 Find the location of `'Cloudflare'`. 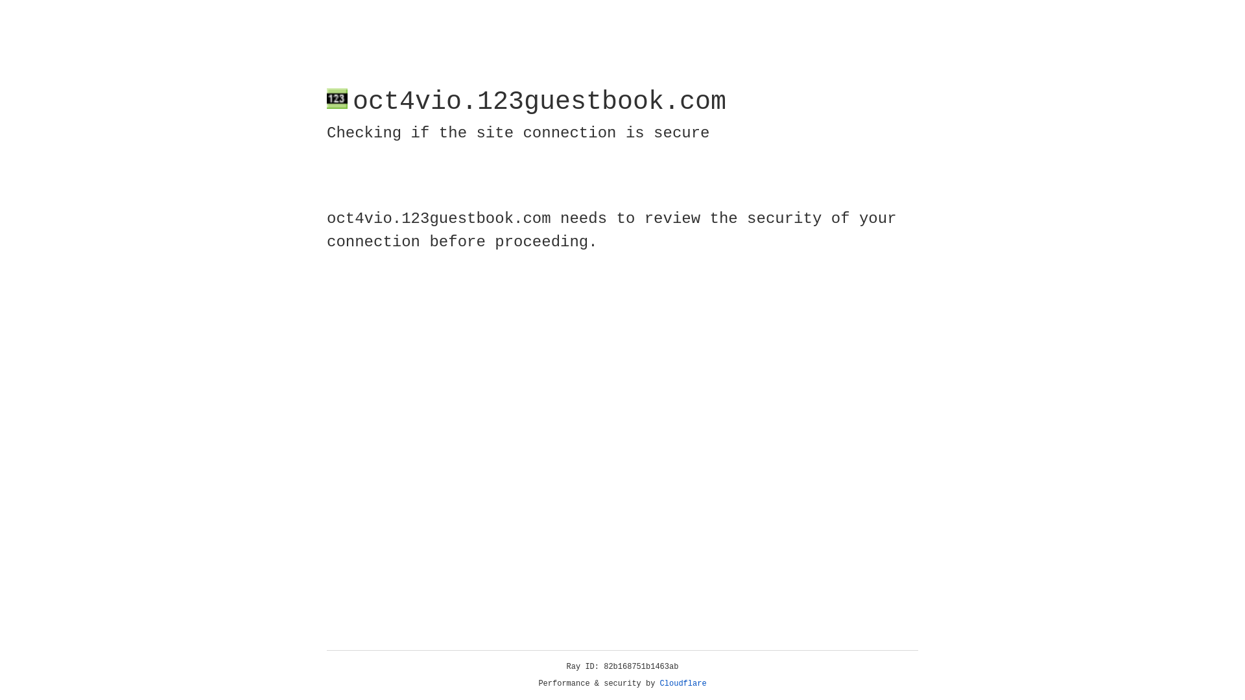

'Cloudflare' is located at coordinates (659, 683).